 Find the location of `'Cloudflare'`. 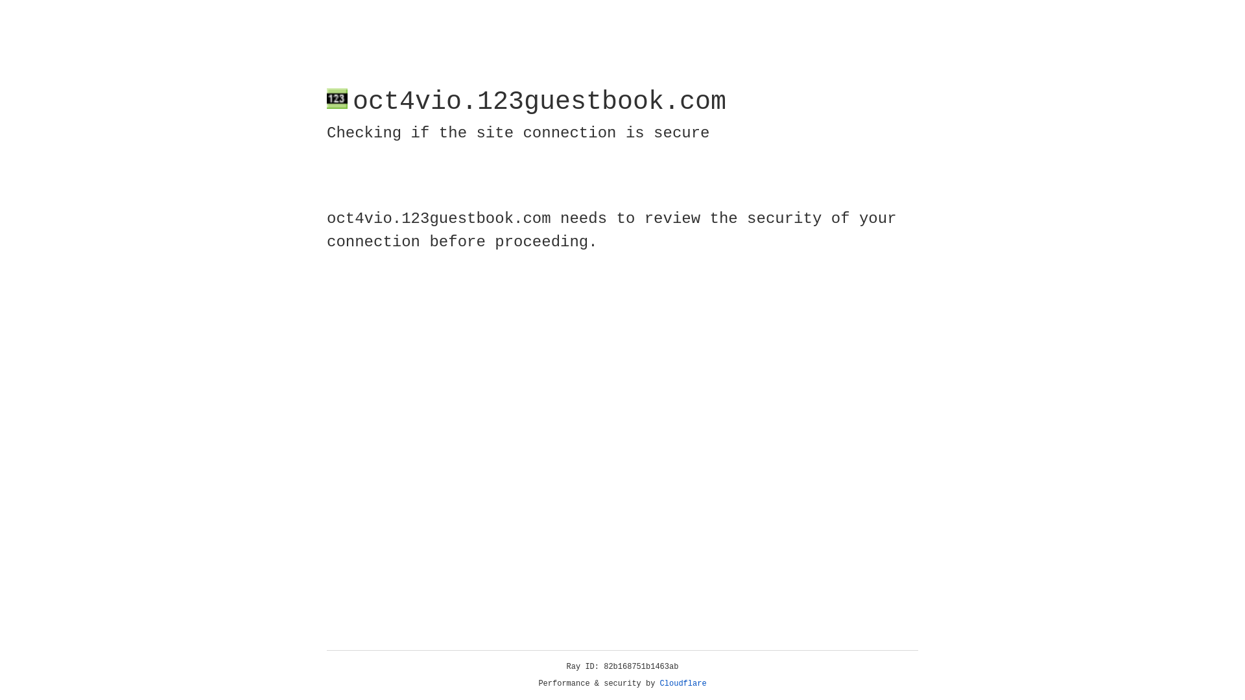

'Cloudflare' is located at coordinates (659, 683).